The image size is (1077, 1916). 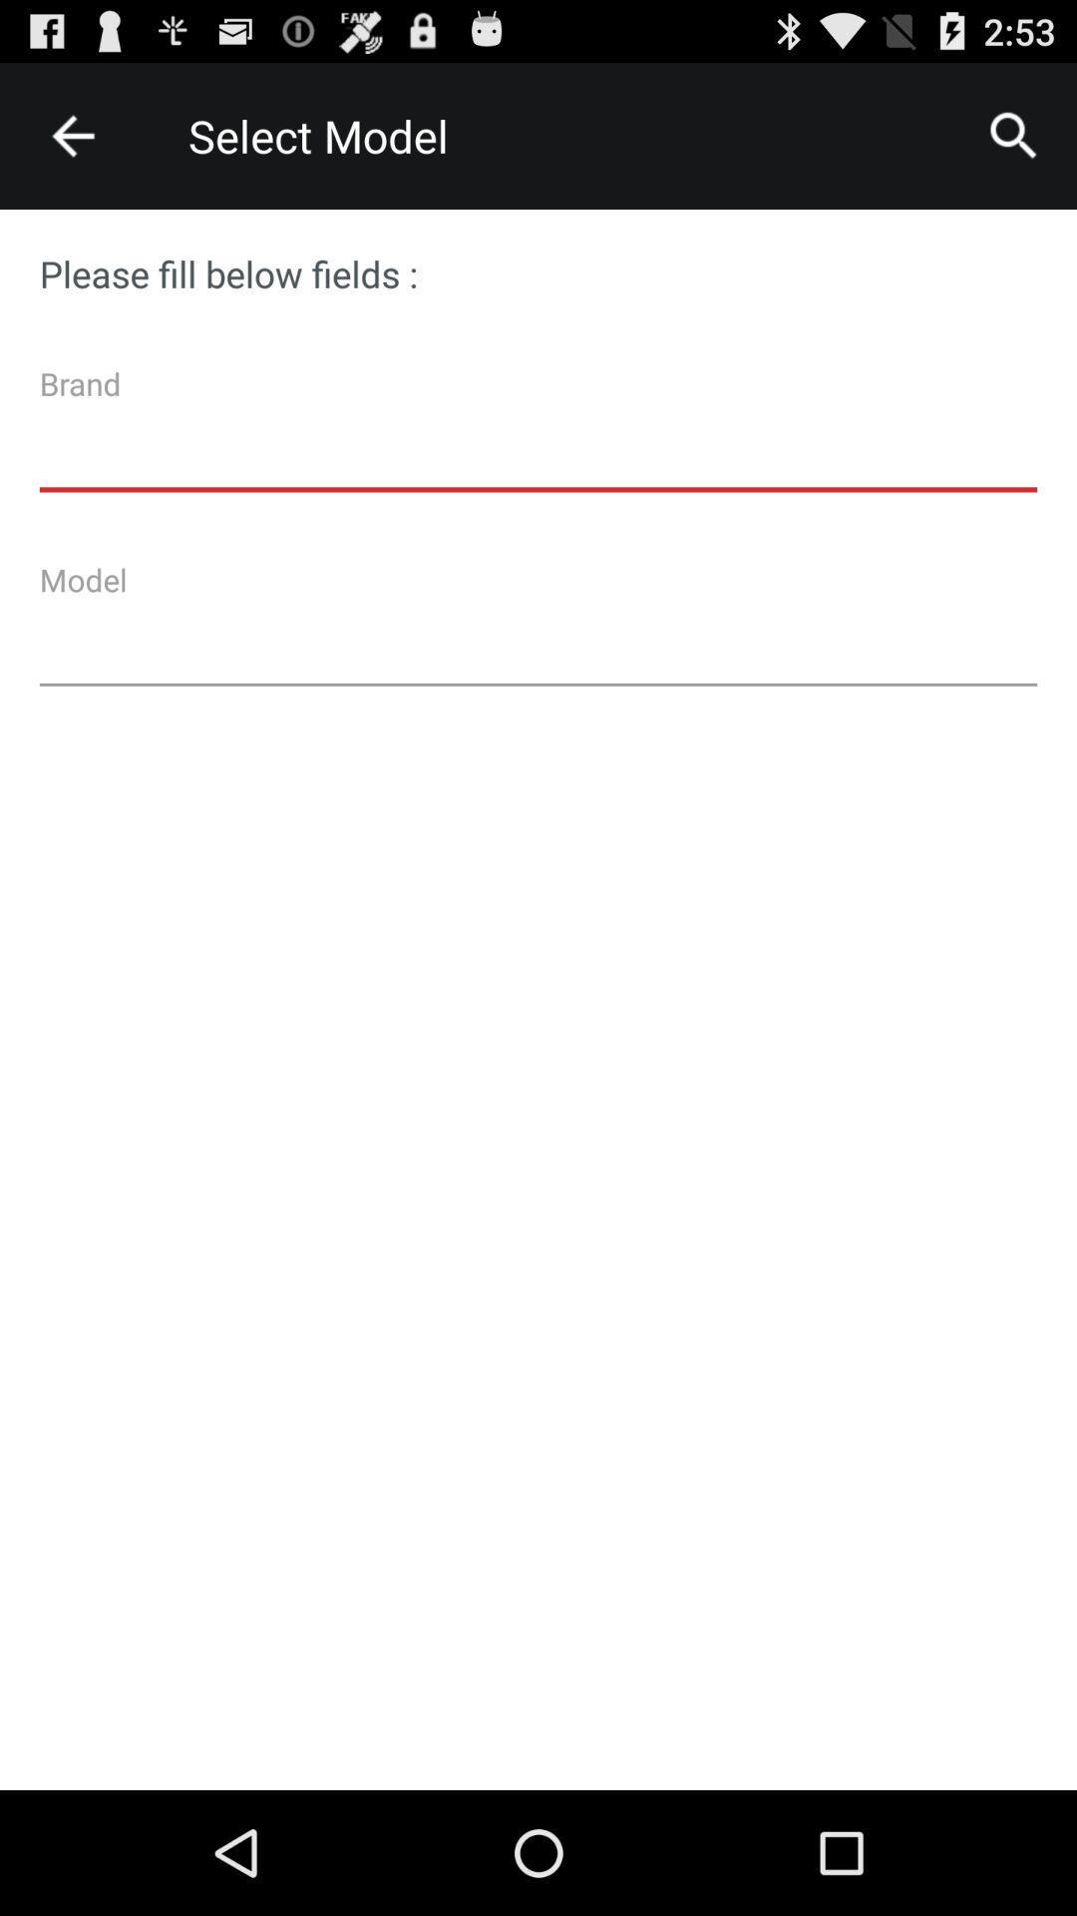 What do you see at coordinates (538, 435) in the screenshot?
I see `the item below the please fill below item` at bounding box center [538, 435].